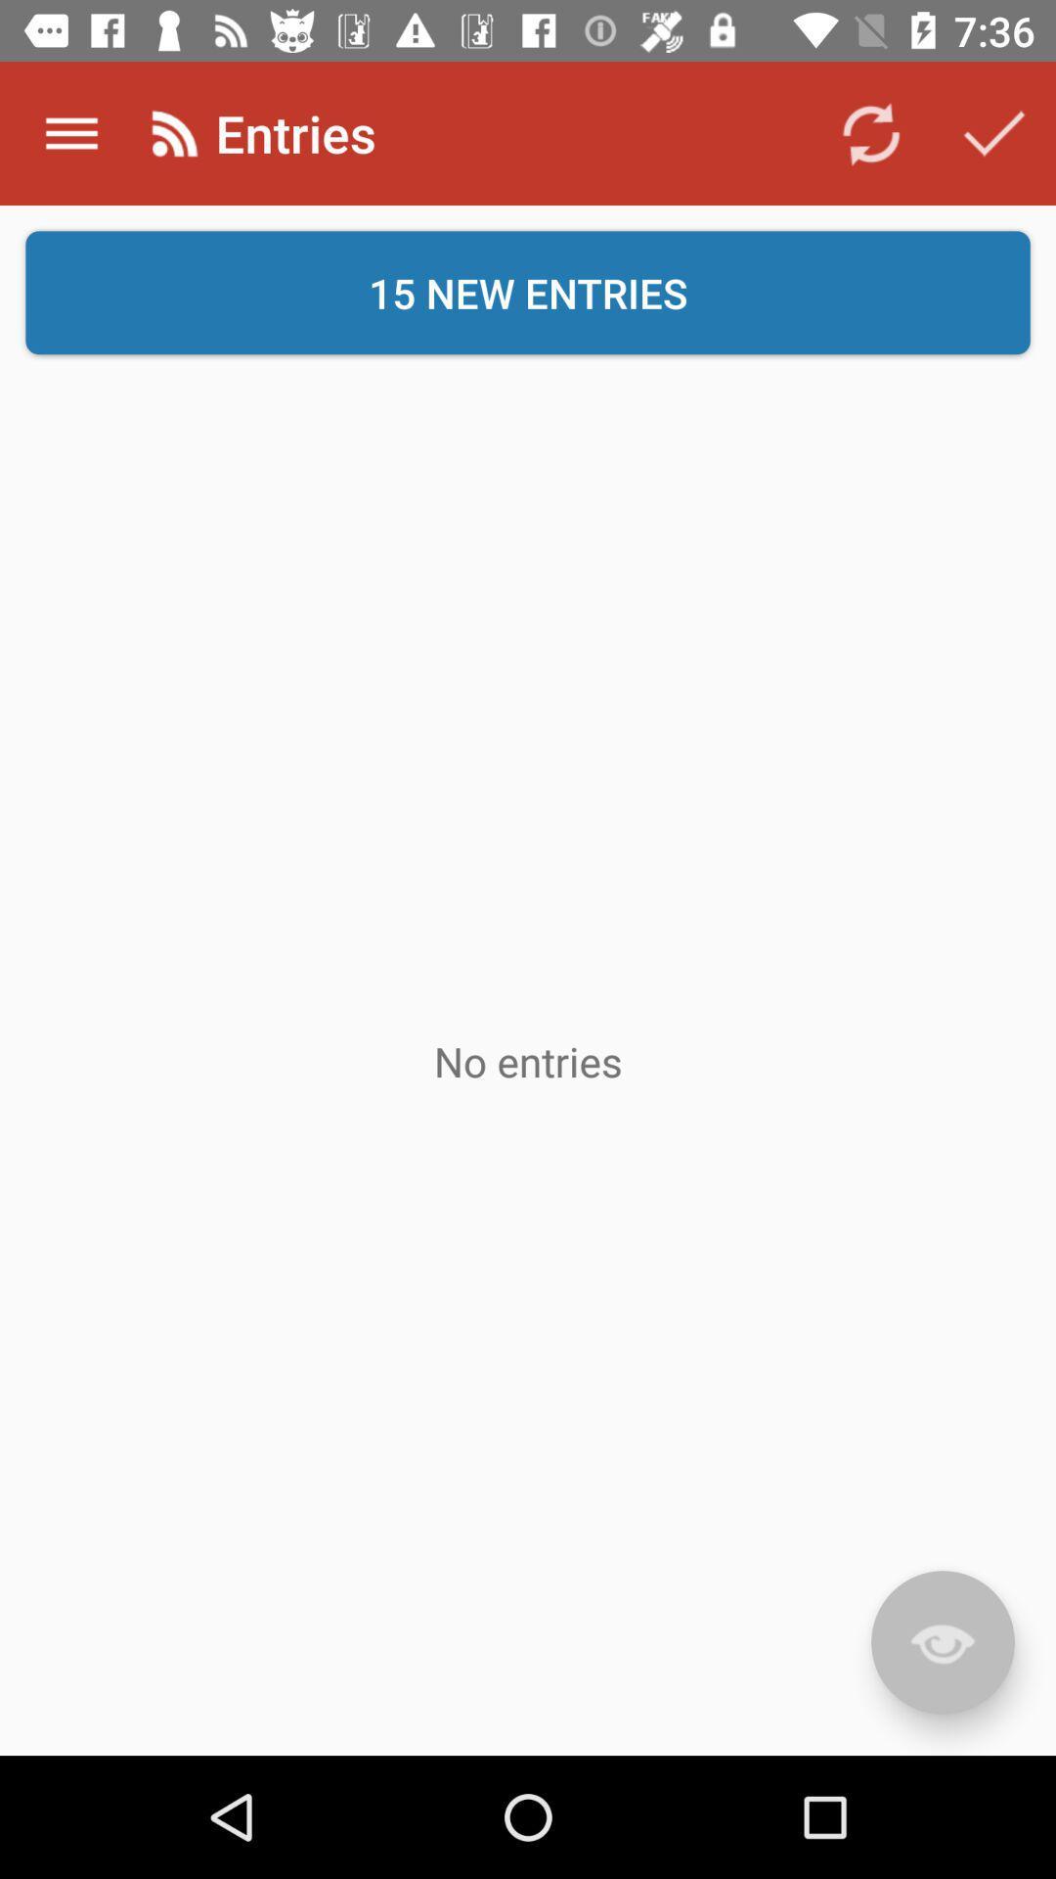  I want to click on the item above no entries, so click(528, 292).